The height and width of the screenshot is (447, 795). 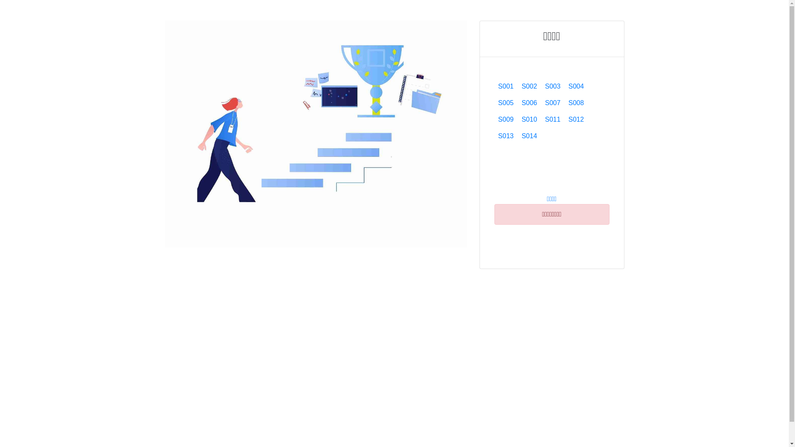 What do you see at coordinates (576, 120) in the screenshot?
I see `'S012'` at bounding box center [576, 120].